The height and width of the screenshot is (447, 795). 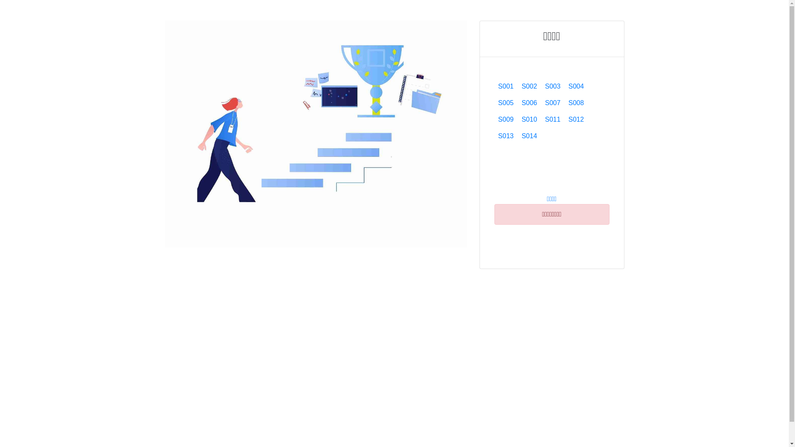 What do you see at coordinates (576, 120) in the screenshot?
I see `'S012'` at bounding box center [576, 120].